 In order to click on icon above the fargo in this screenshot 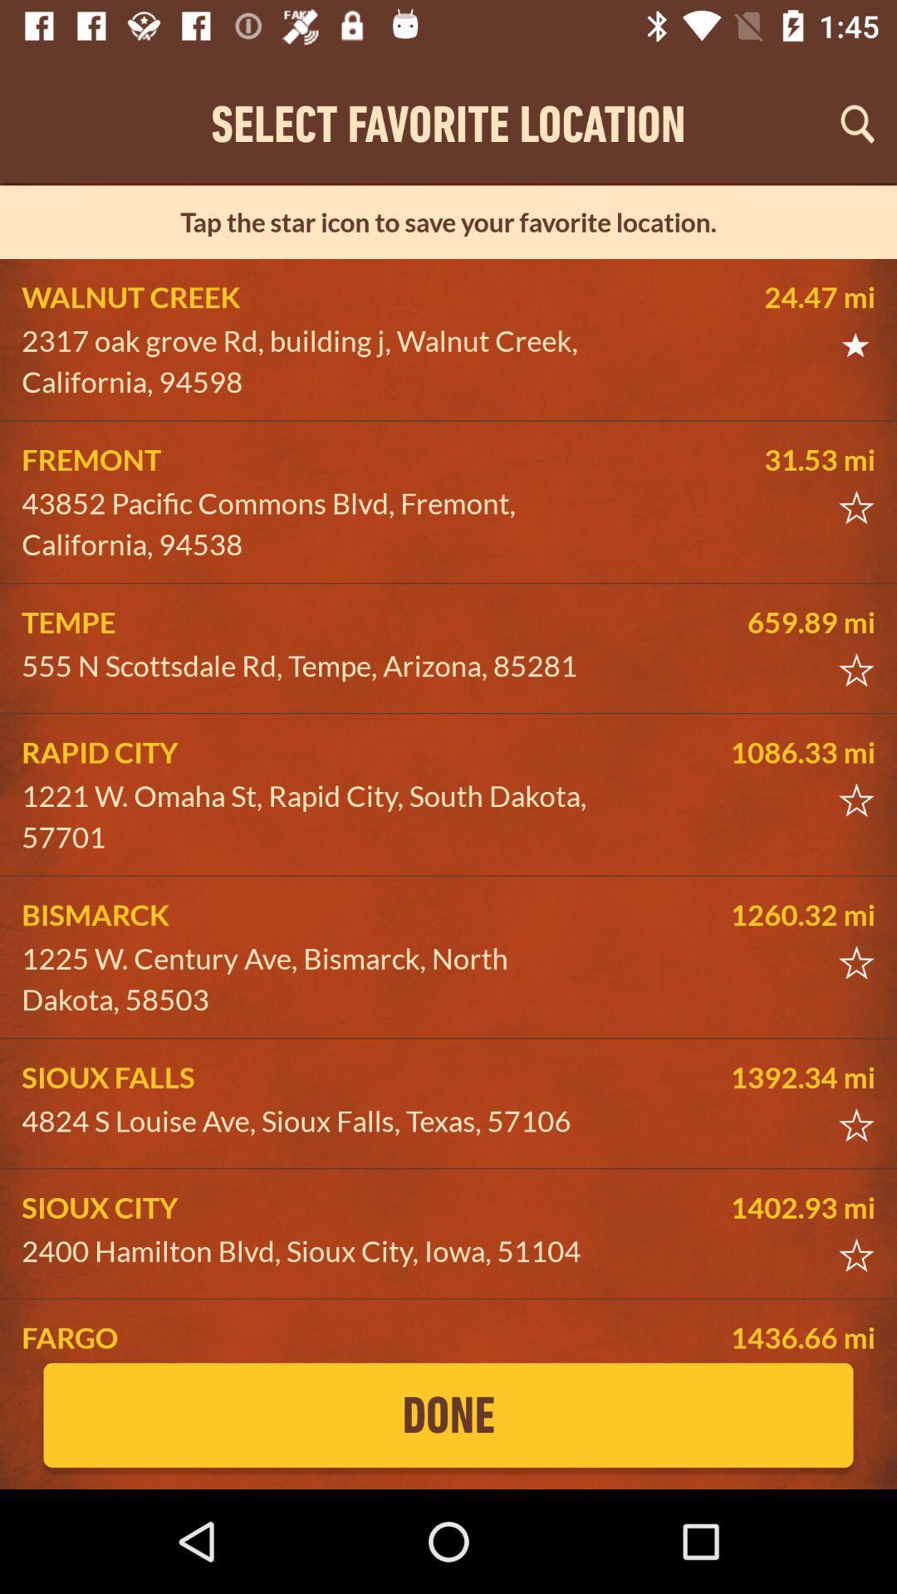, I will do `click(312, 1251)`.